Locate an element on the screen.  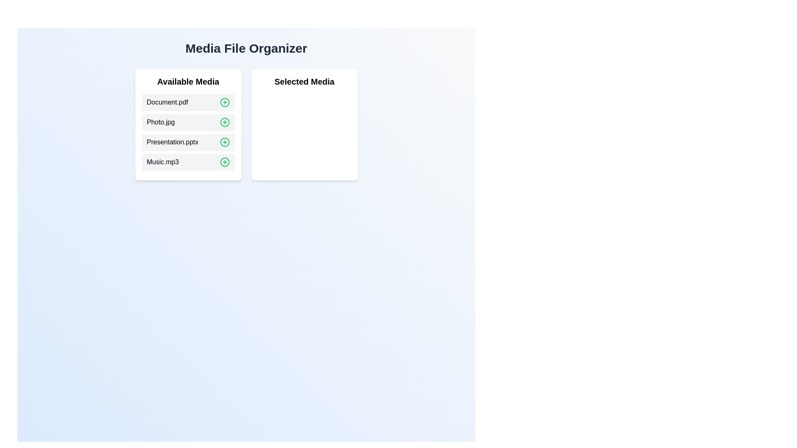
green plus icon next to Presentation.pptx in 'Available Media' to move it to 'Selected Media' is located at coordinates (225, 142).